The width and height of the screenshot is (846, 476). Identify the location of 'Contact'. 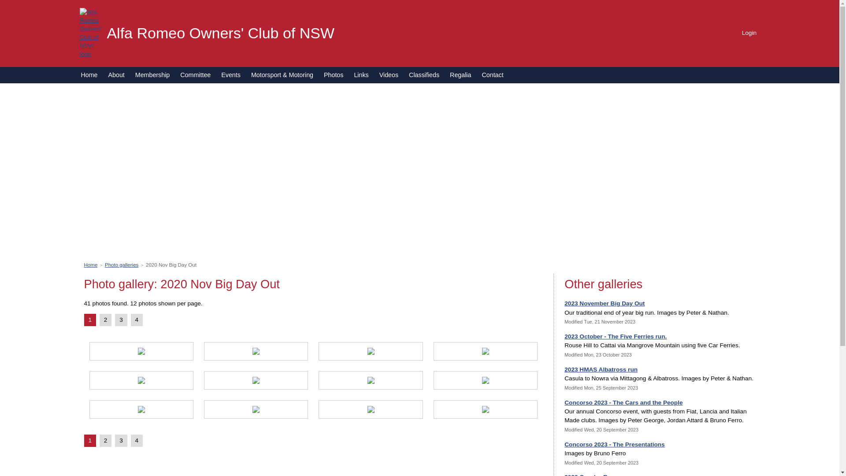
(475, 74).